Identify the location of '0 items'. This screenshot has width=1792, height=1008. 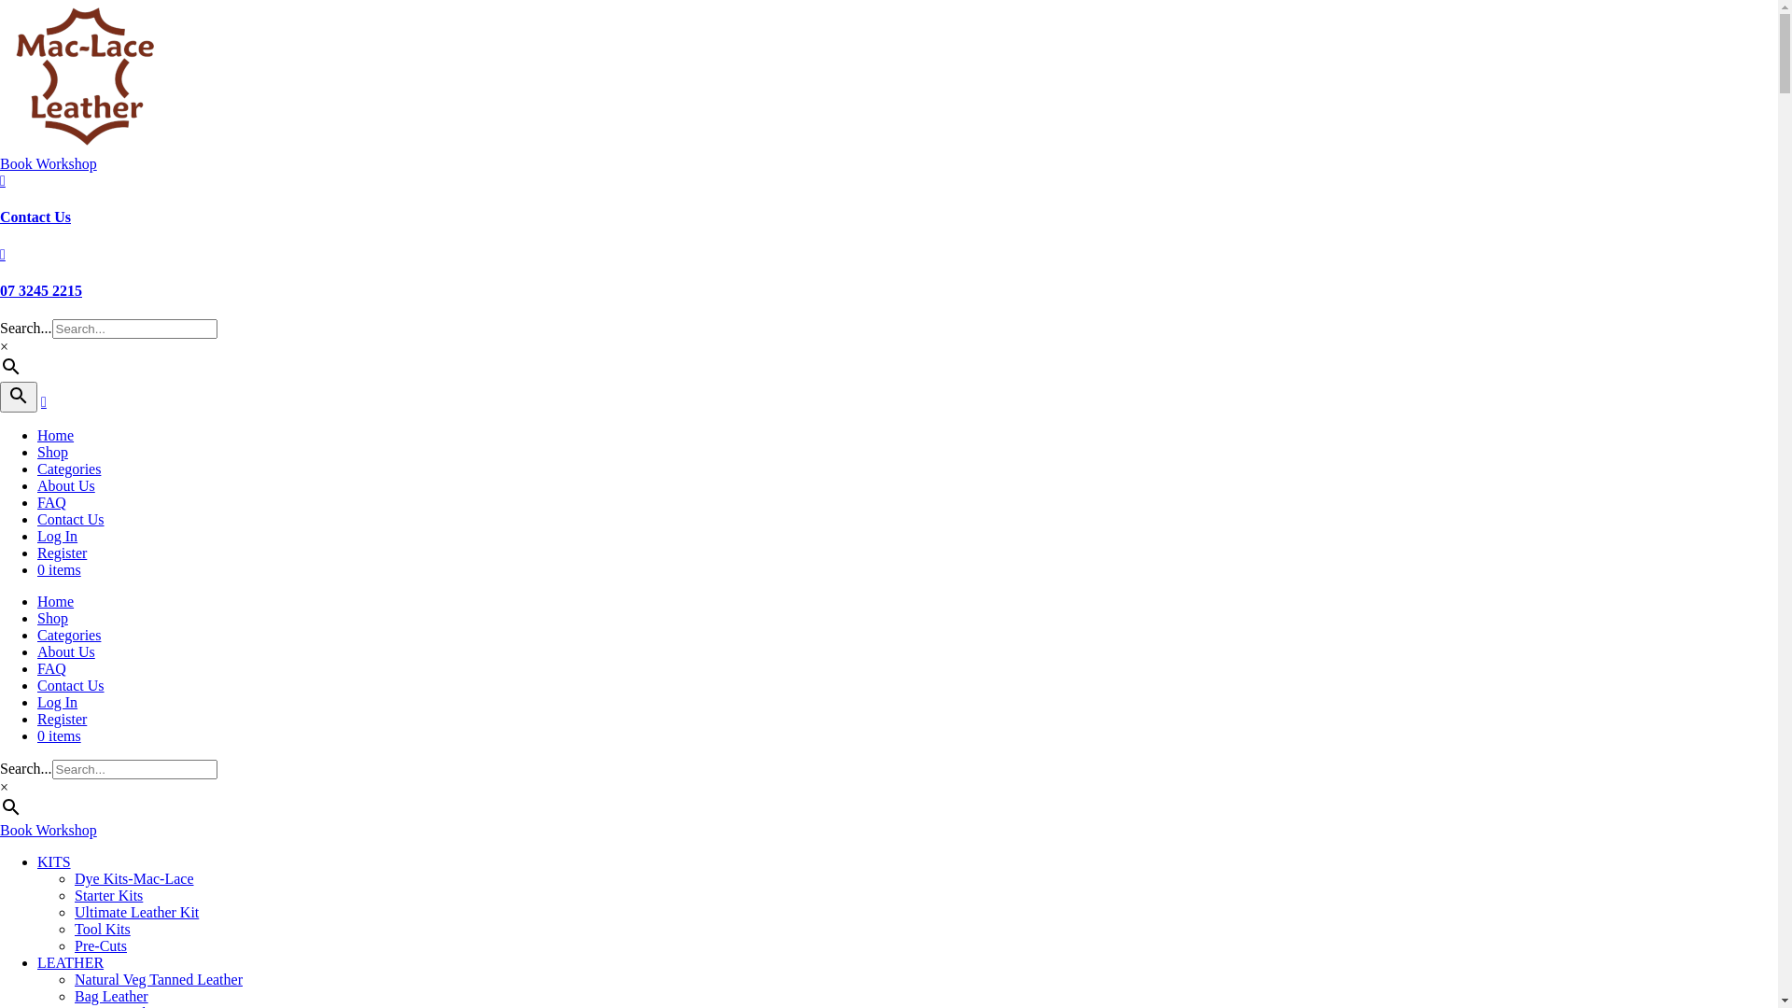
(59, 568).